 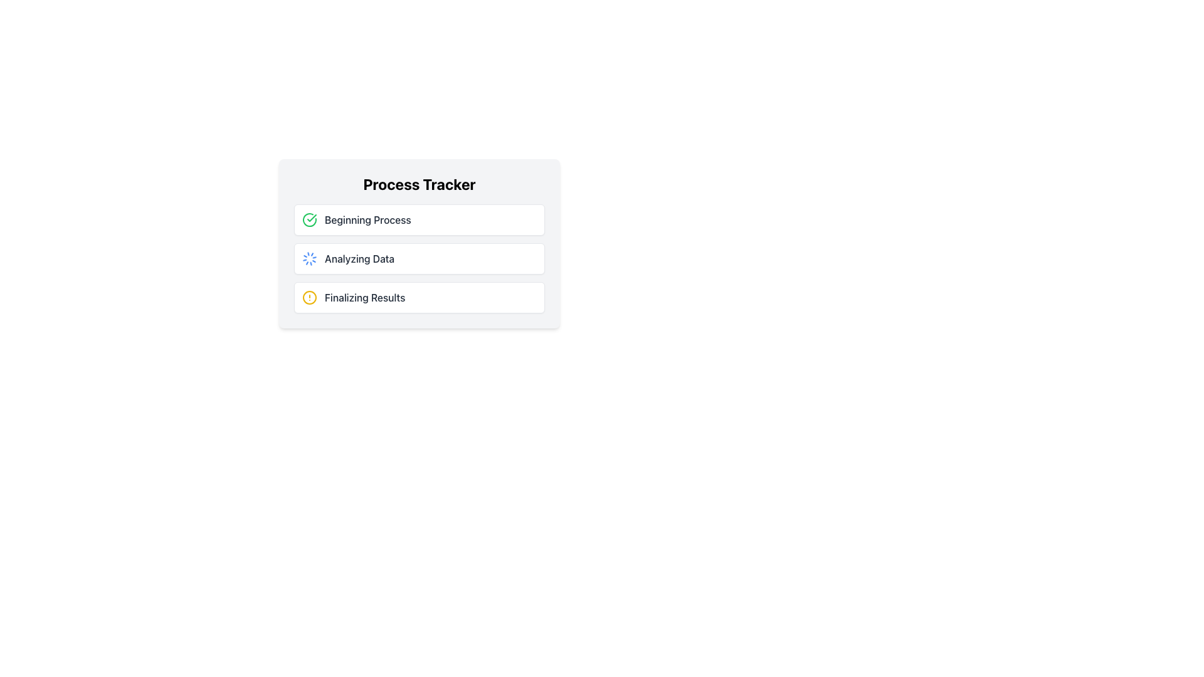 What do you see at coordinates (359, 258) in the screenshot?
I see `the text label displaying 'Analyzing Data', which is the second step in the process tracker component` at bounding box center [359, 258].